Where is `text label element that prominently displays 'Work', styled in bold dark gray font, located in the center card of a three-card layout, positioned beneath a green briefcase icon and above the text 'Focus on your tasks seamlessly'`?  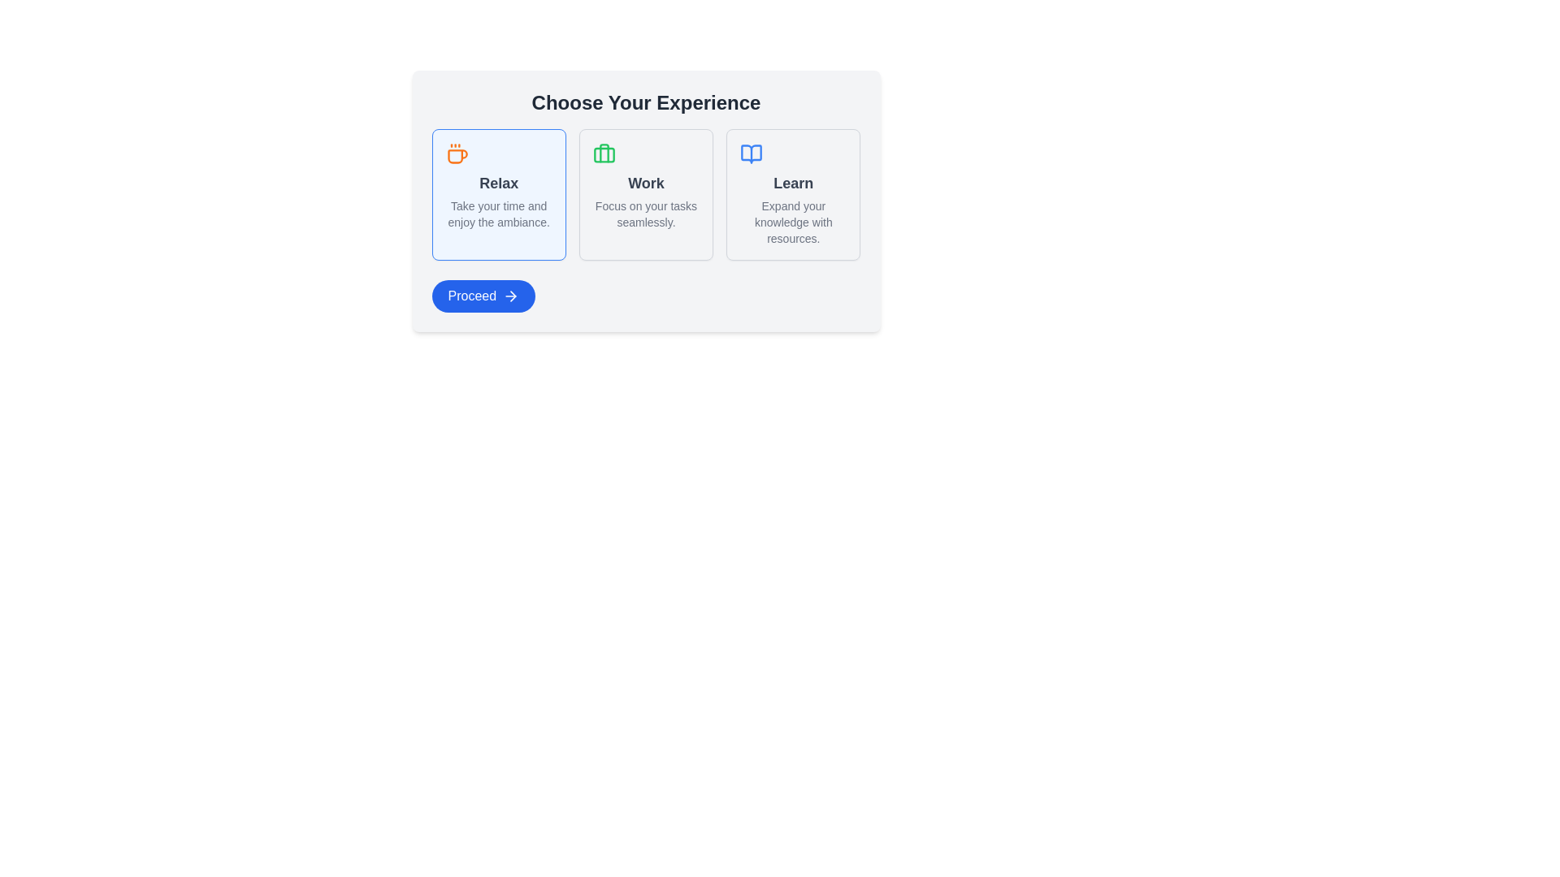
text label element that prominently displays 'Work', styled in bold dark gray font, located in the center card of a three-card layout, positioned beneath a green briefcase icon and above the text 'Focus on your tasks seamlessly' is located at coordinates (645, 183).